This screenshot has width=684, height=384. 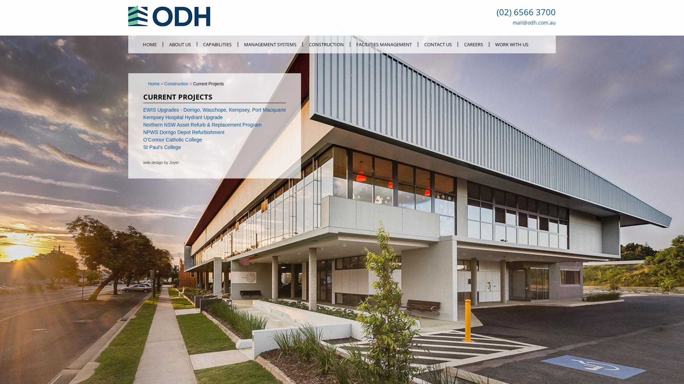 What do you see at coordinates (143, 132) in the screenshot?
I see `'NPWS Dorrigo Depot Refurbishment'` at bounding box center [143, 132].